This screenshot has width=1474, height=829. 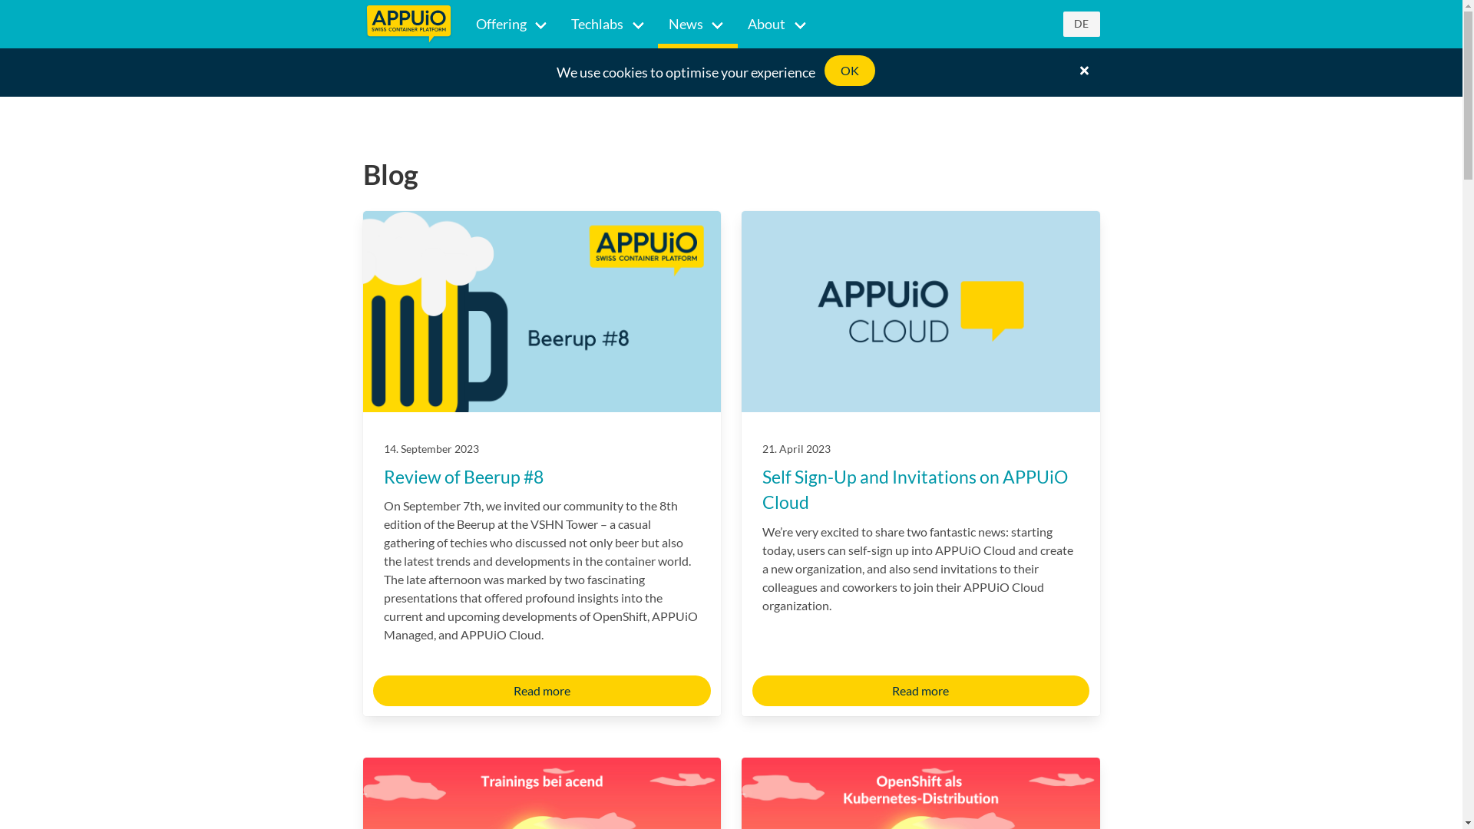 I want to click on 'Techlabs', so click(x=608, y=24).